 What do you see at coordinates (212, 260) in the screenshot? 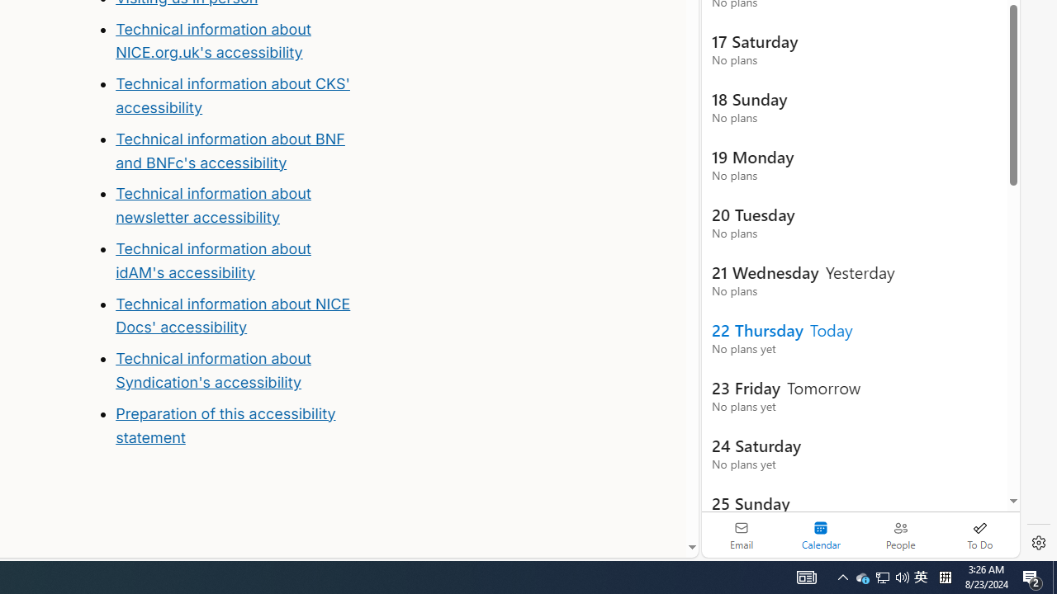
I see `'Technical information about idAM'` at bounding box center [212, 260].